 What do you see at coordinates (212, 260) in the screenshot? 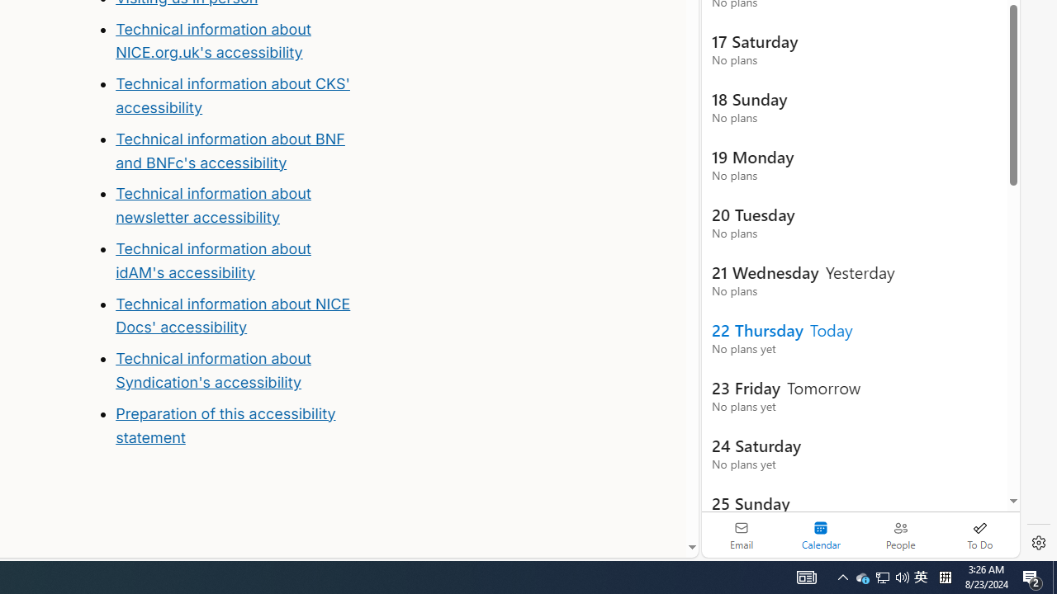
I see `'Technical information about idAM'` at bounding box center [212, 260].